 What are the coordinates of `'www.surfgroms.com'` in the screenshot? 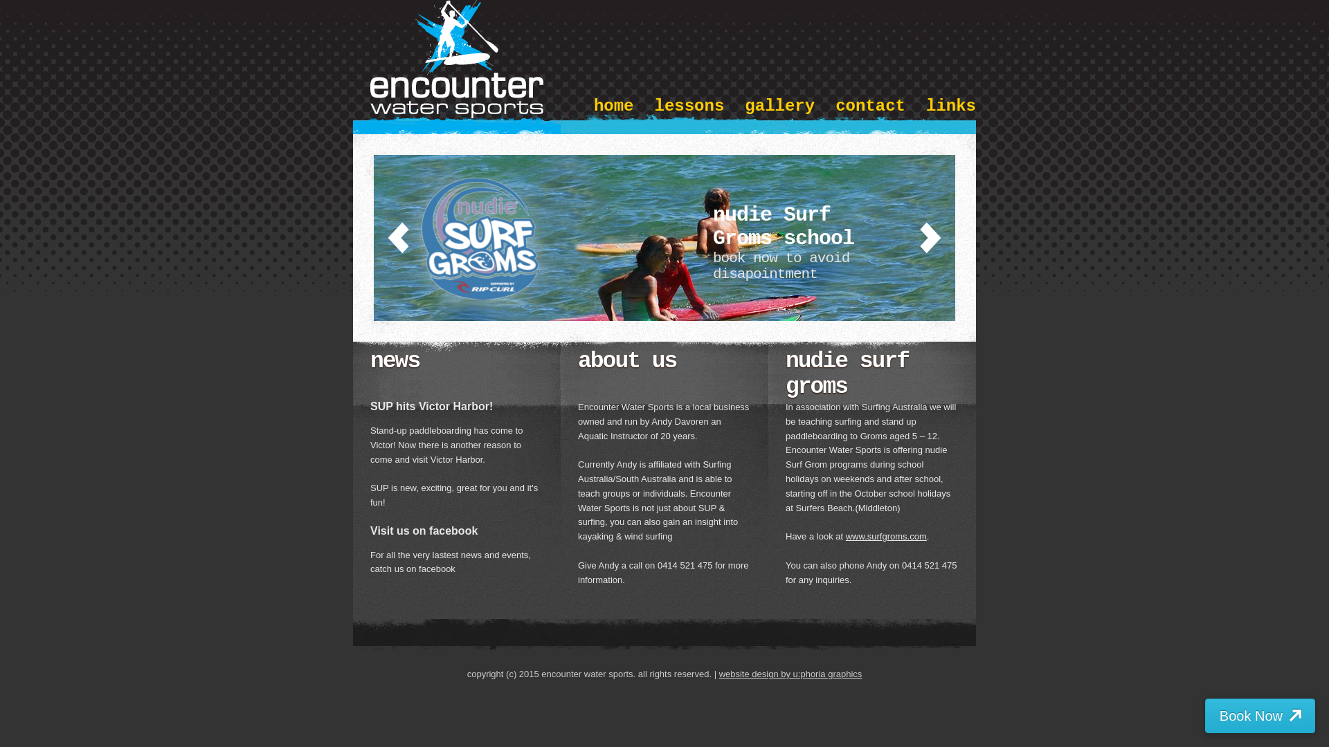 It's located at (886, 535).